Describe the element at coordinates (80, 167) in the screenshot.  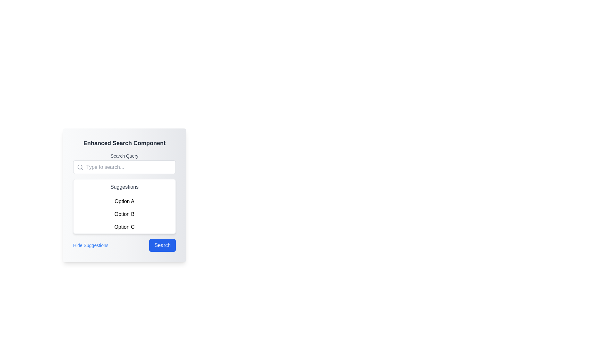
I see `the circular lens part of the magnifying glass icon, which indicates search functionality for the 'Type to search' input field` at that location.